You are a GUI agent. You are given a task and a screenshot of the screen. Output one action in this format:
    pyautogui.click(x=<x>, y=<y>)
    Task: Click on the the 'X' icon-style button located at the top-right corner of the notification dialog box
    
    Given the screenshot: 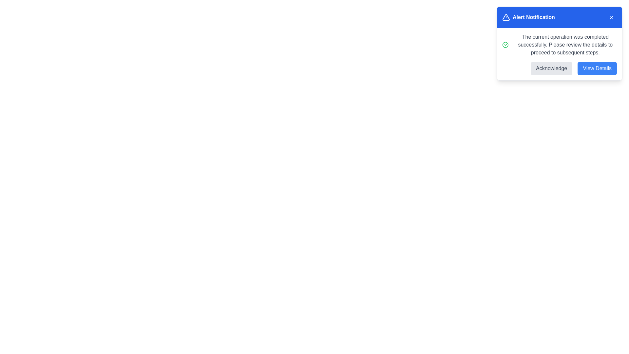 What is the action you would take?
    pyautogui.click(x=611, y=17)
    